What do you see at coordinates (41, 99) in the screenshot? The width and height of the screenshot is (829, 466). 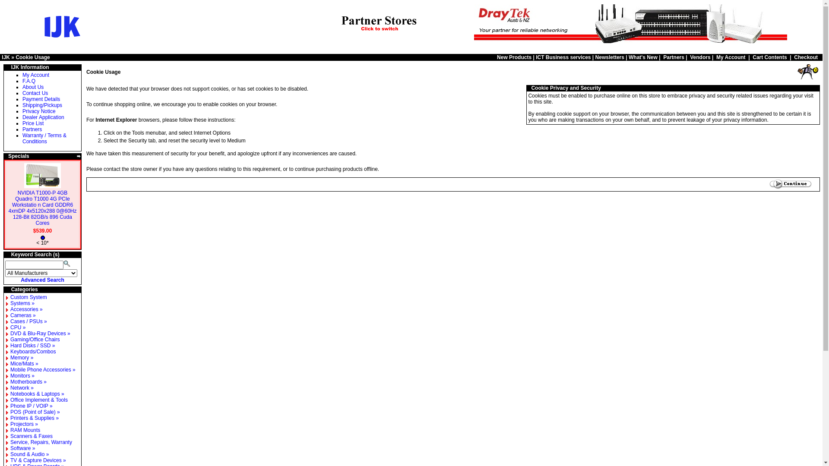 I see `'Payment Details'` at bounding box center [41, 99].